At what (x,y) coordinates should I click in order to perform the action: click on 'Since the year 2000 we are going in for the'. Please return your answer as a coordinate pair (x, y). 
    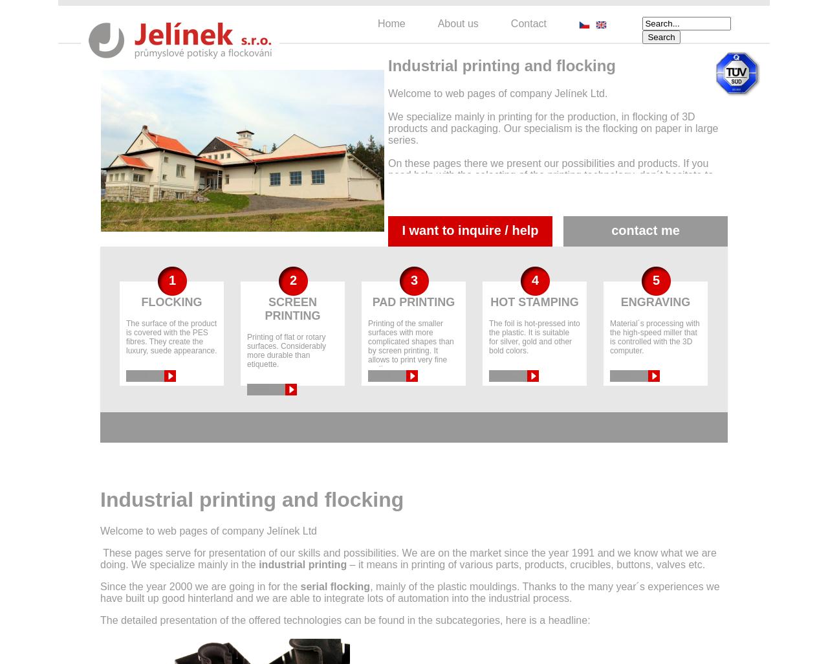
    Looking at the image, I should click on (199, 586).